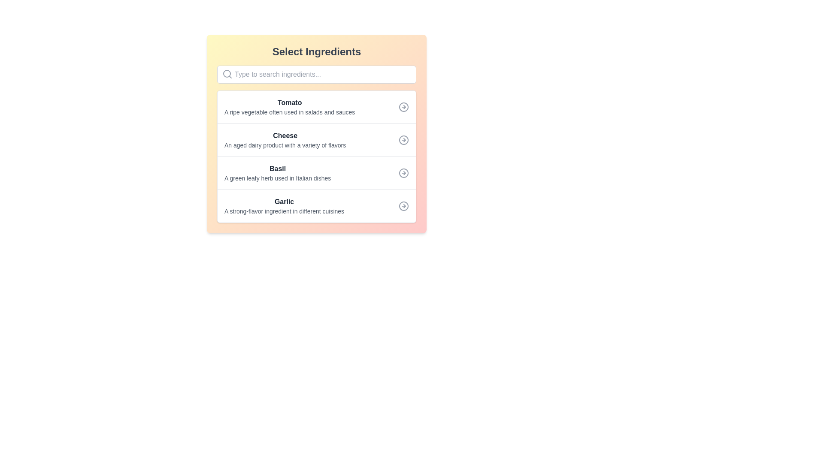 The height and width of the screenshot is (463, 824). What do you see at coordinates (290, 102) in the screenshot?
I see `the 'Tomato' text label` at bounding box center [290, 102].